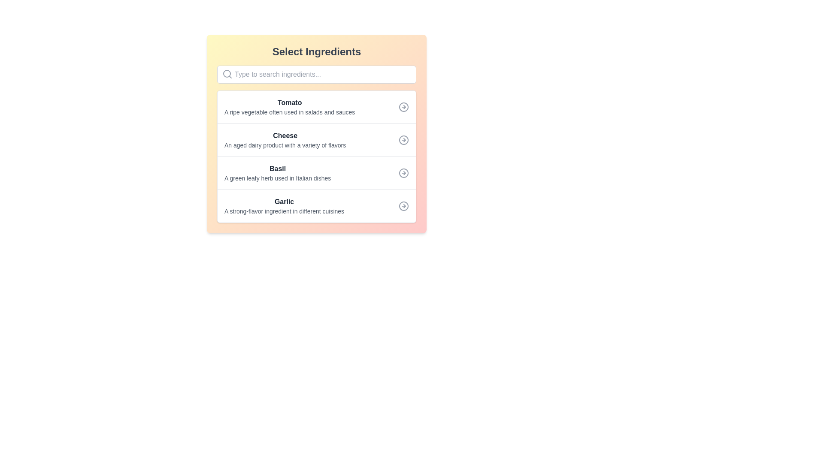 The height and width of the screenshot is (463, 824). What do you see at coordinates (290, 102) in the screenshot?
I see `the 'Tomato' text label` at bounding box center [290, 102].